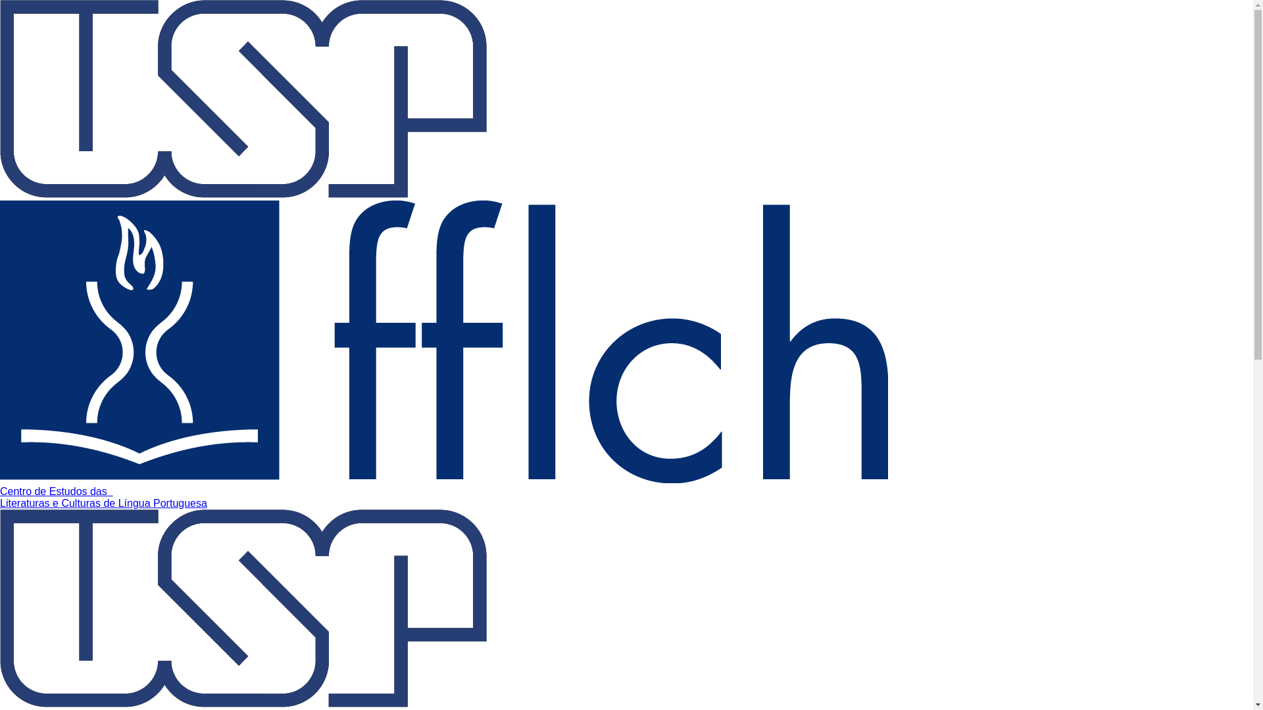 The height and width of the screenshot is (710, 1263). What do you see at coordinates (0, 491) in the screenshot?
I see `'Centro de Estudos das  '` at bounding box center [0, 491].